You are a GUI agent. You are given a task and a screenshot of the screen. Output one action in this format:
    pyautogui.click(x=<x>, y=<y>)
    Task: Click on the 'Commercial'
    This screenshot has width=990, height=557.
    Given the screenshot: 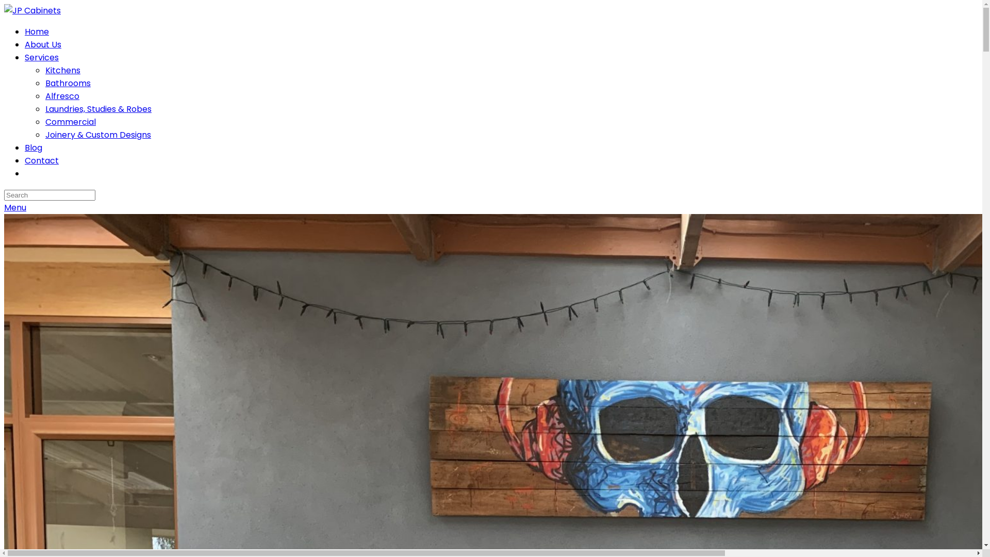 What is the action you would take?
    pyautogui.click(x=70, y=121)
    